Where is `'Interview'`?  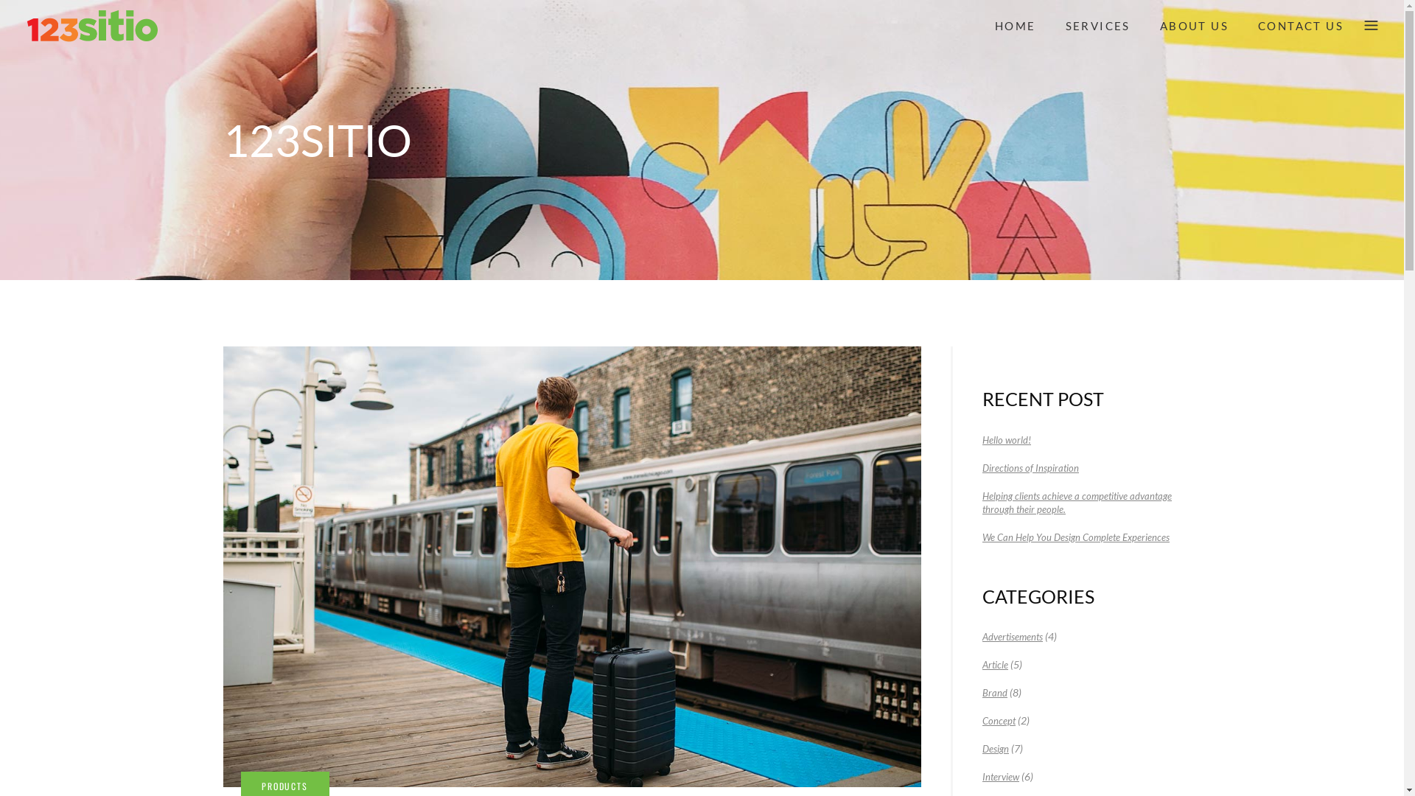
'Interview' is located at coordinates (1001, 775).